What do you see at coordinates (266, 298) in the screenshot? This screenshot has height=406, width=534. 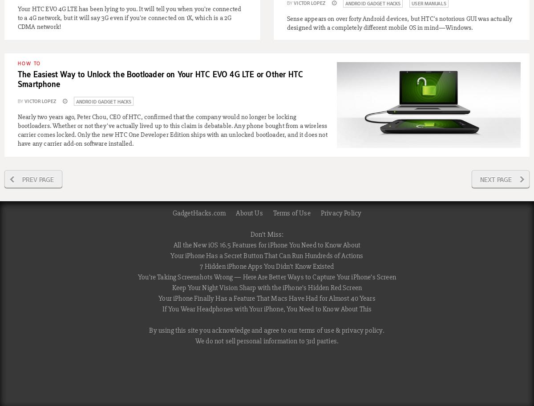 I see `'Your iPhone Finally Has a Feature That Macs Have Had for Almost 40 Years'` at bounding box center [266, 298].